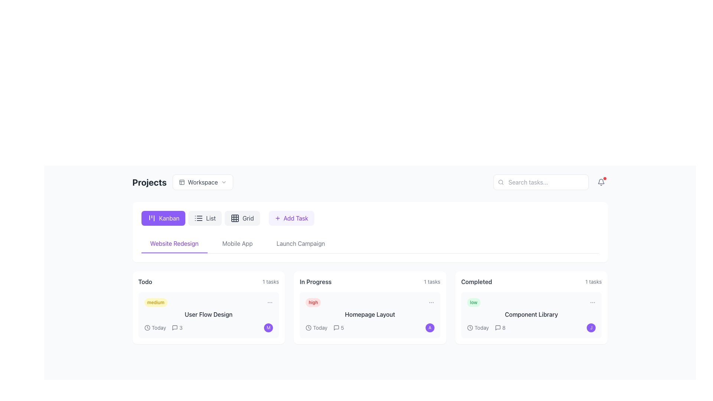 This screenshot has height=401, width=713. Describe the element at coordinates (338, 327) in the screenshot. I see `the Comment counter component, which features a speech bubble icon and the number '5'` at that location.